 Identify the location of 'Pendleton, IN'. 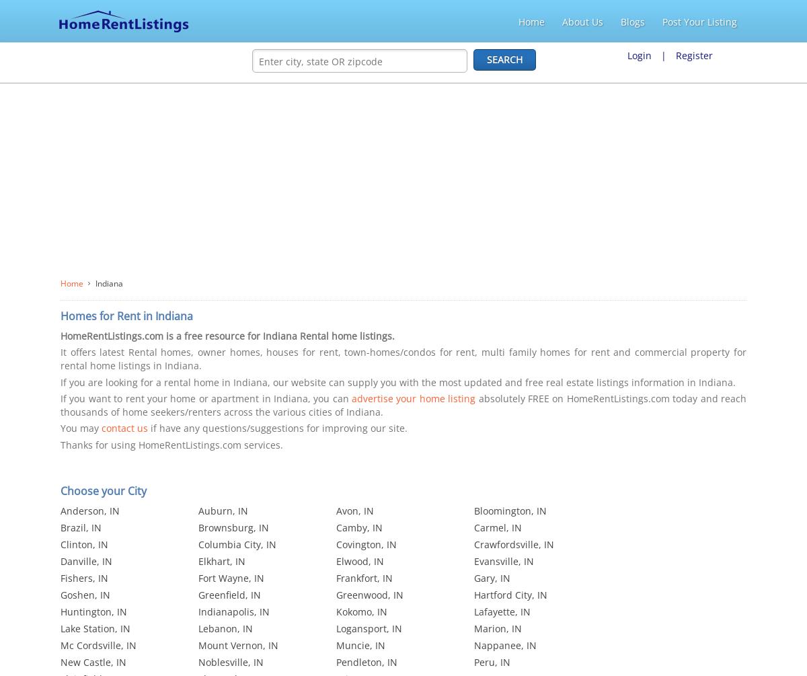
(366, 661).